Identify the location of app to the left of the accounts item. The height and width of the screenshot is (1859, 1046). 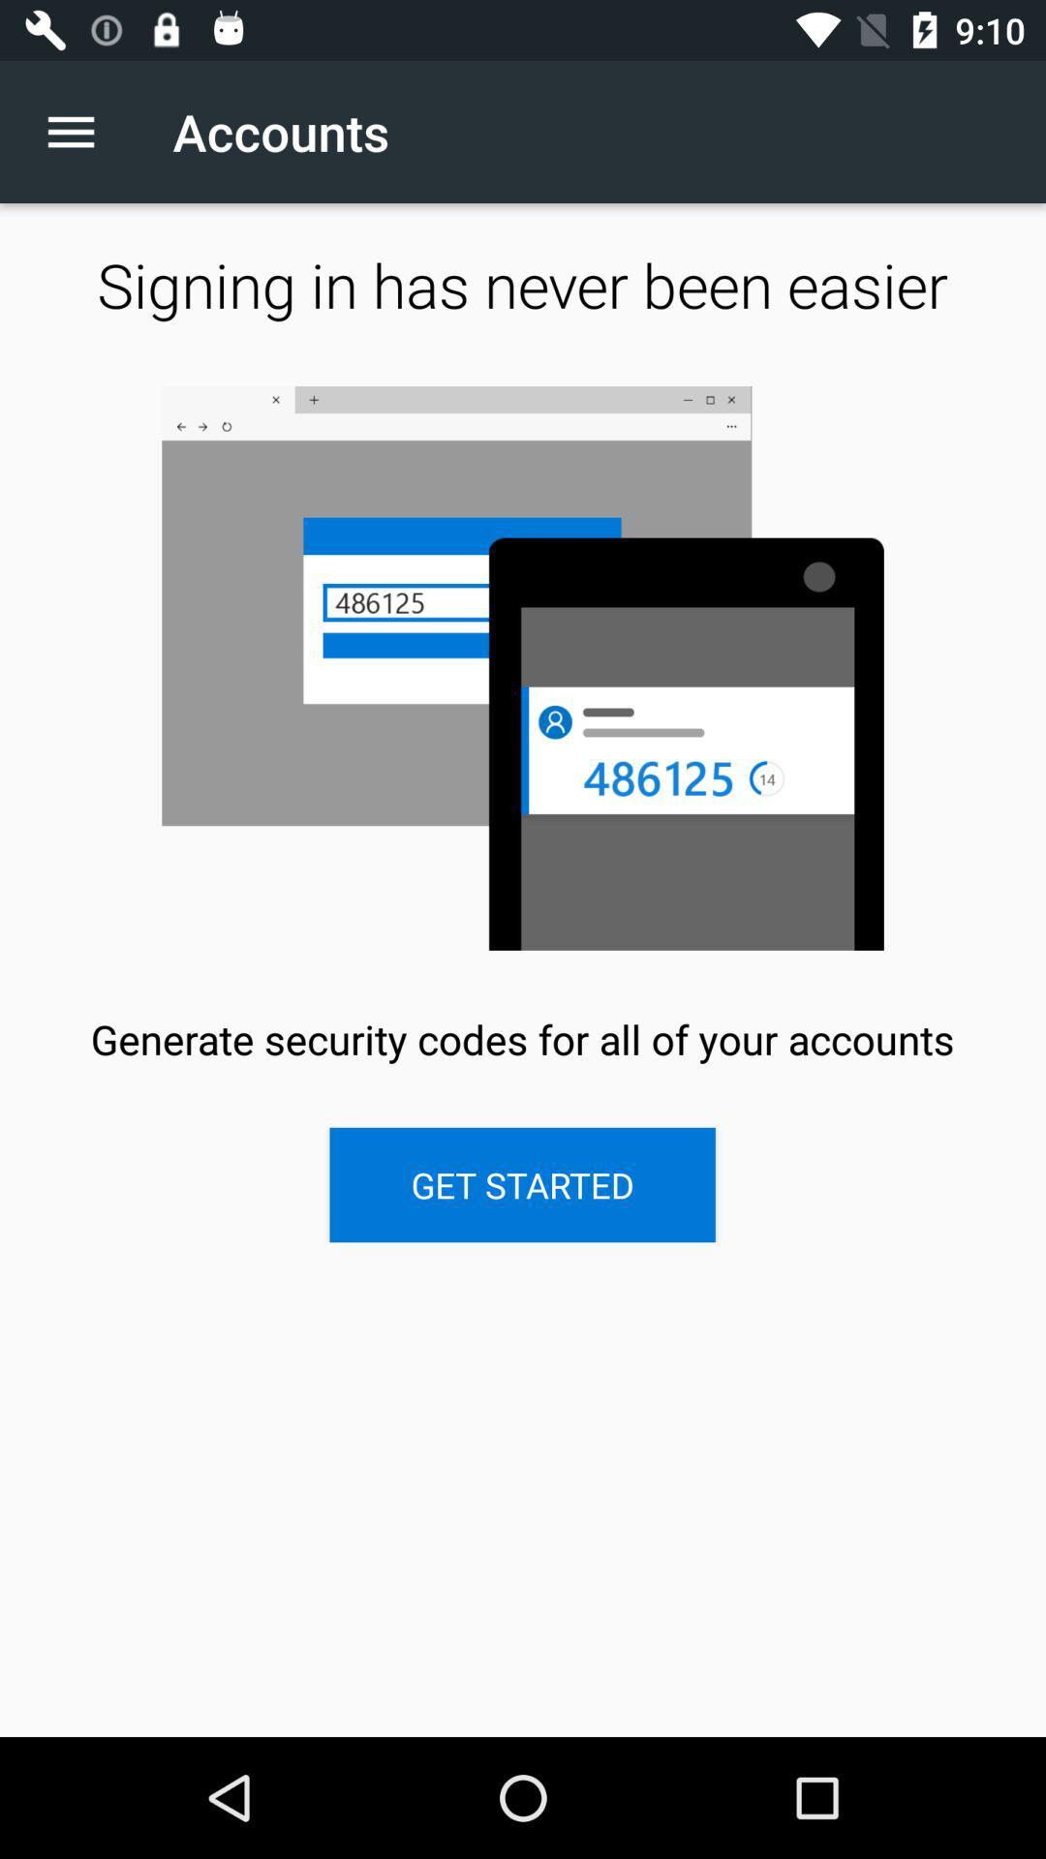
(80, 131).